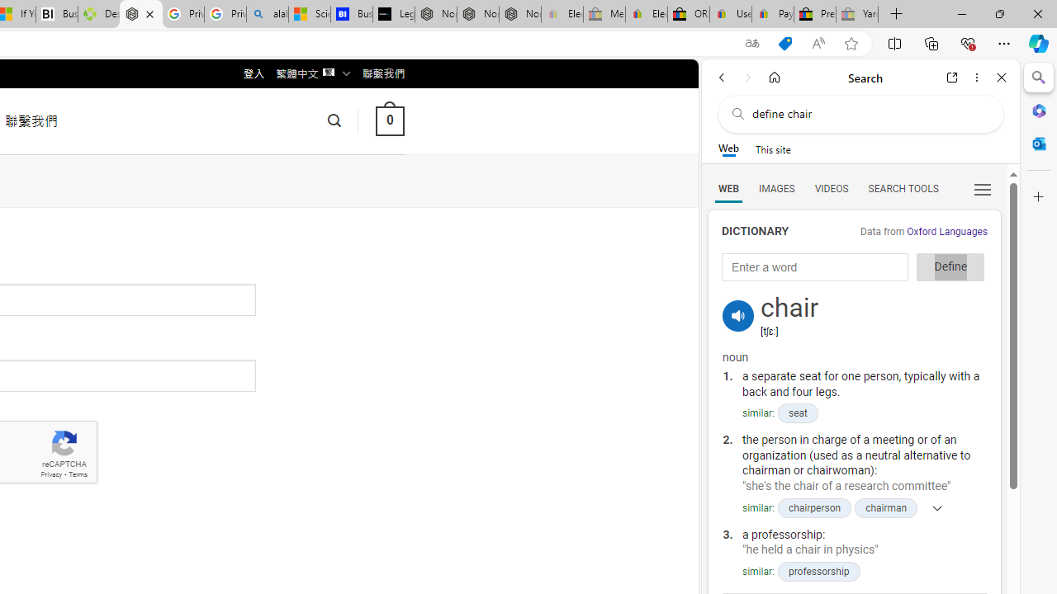  What do you see at coordinates (885, 507) in the screenshot?
I see `'chairman'` at bounding box center [885, 507].